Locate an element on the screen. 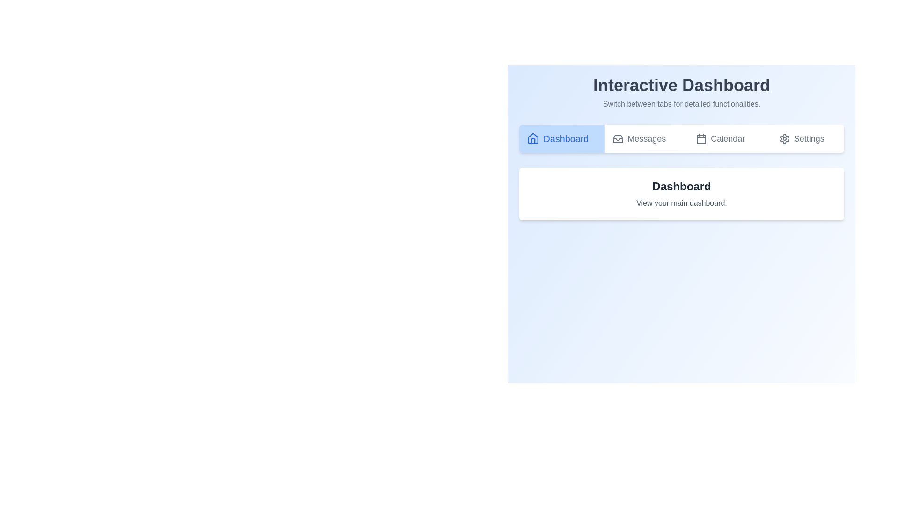 Image resolution: width=899 pixels, height=505 pixels. the rectangular button with a light blue background and deep blue text labeled 'Dashboard' is located at coordinates (560, 139).